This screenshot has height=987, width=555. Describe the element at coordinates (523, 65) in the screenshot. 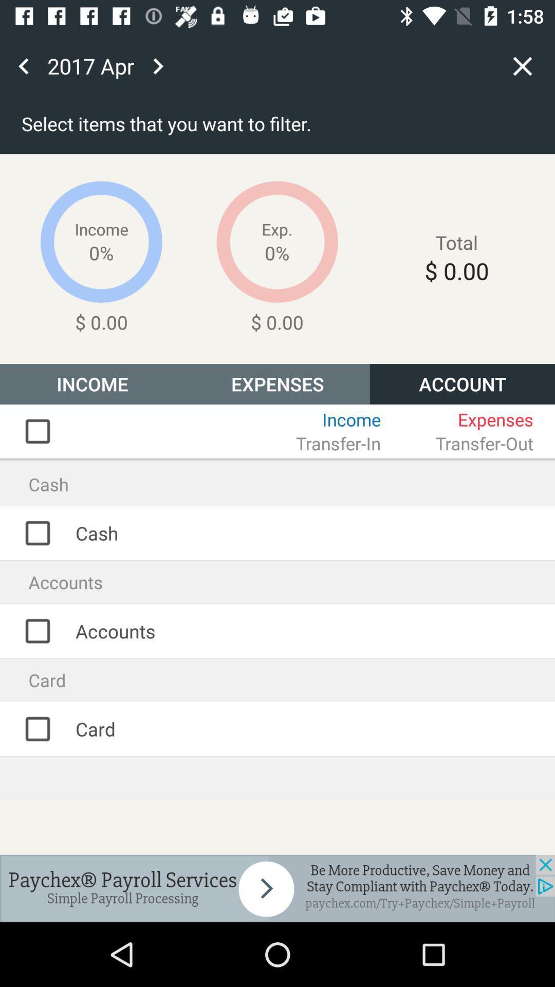

I see `the close icon` at that location.